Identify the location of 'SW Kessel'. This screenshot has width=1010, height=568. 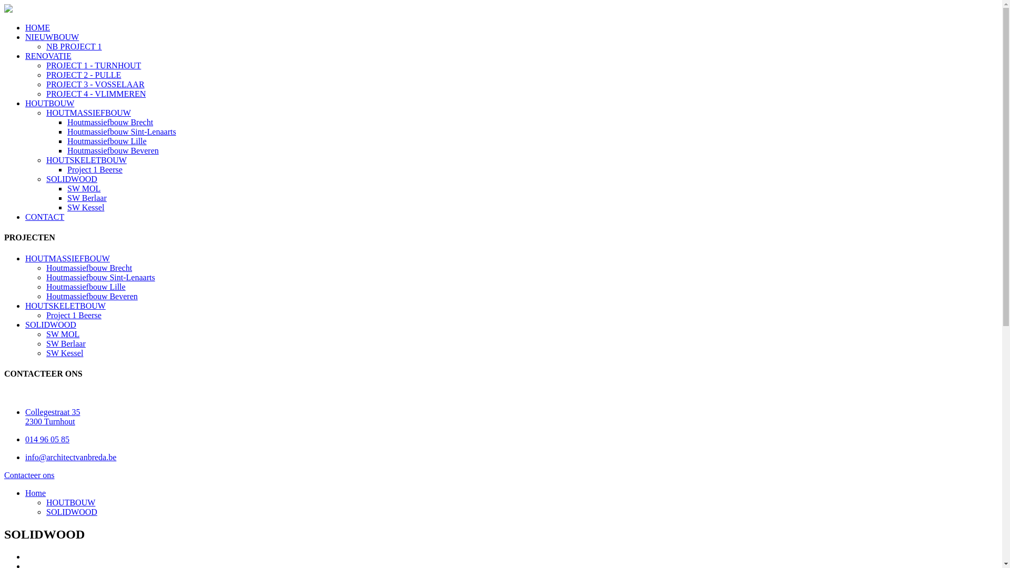
(86, 207).